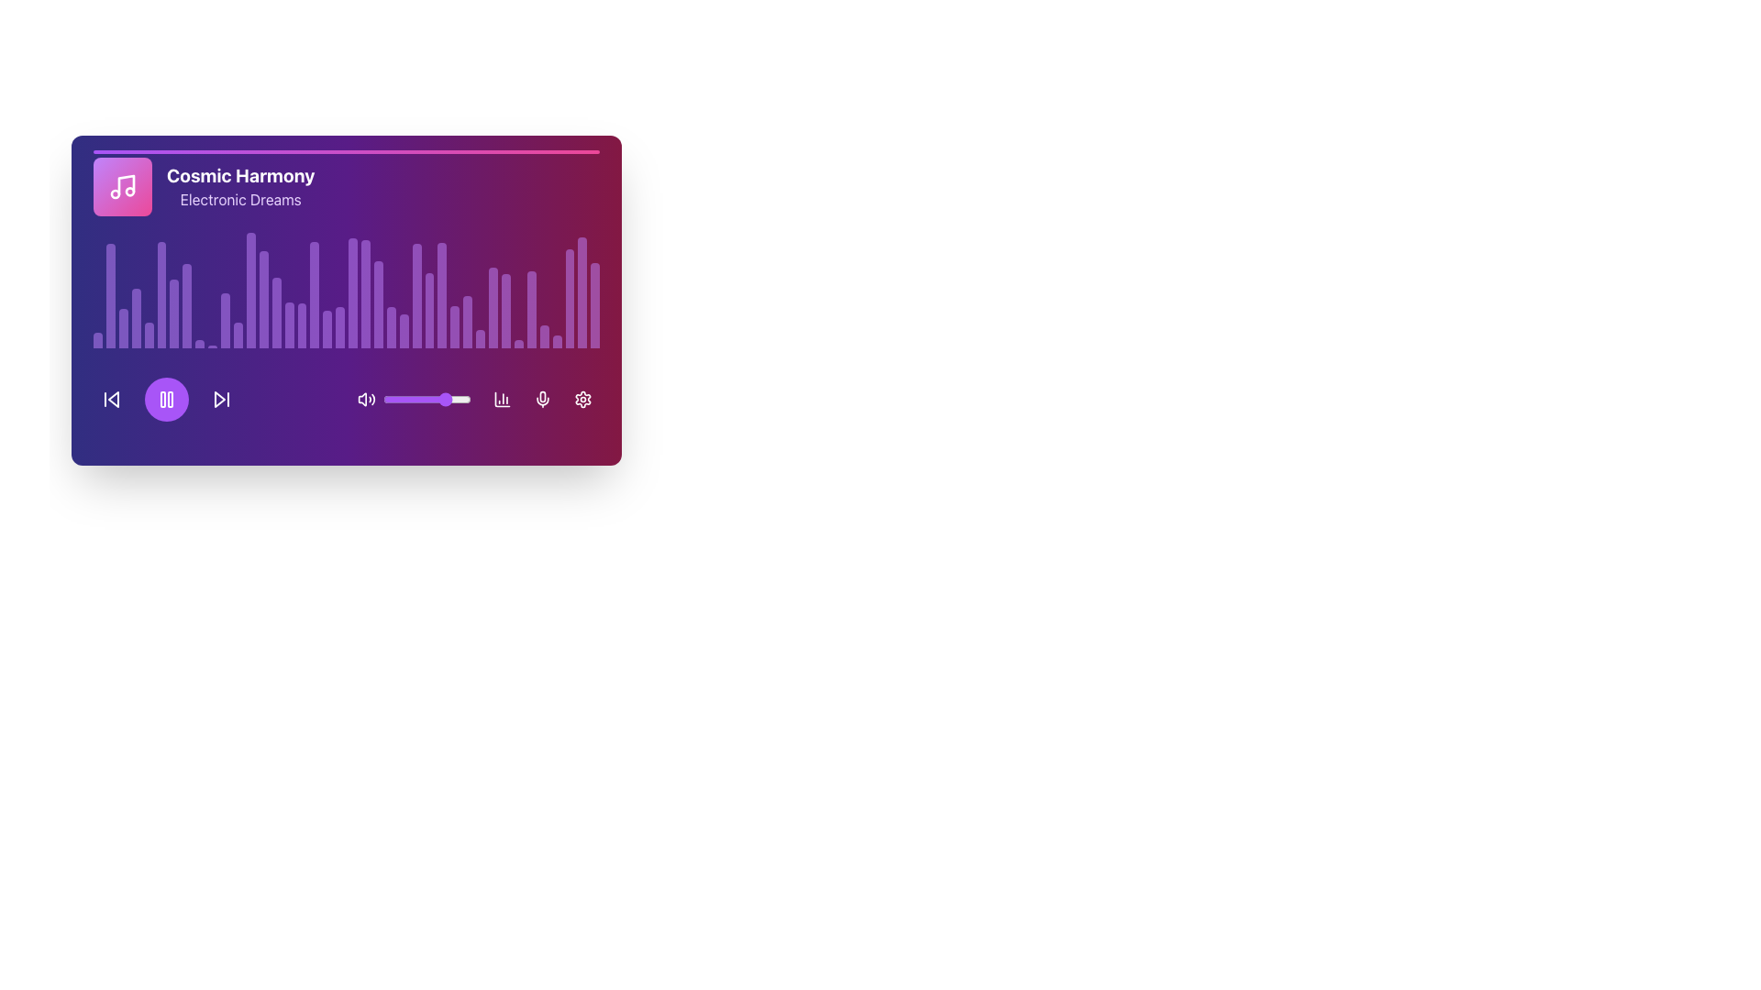 The width and height of the screenshot is (1761, 990). Describe the element at coordinates (377, 303) in the screenshot. I see `the 23rd vertical purple bar representing audio levels, which has rounded top edges and is styled in a light purple shade` at that location.